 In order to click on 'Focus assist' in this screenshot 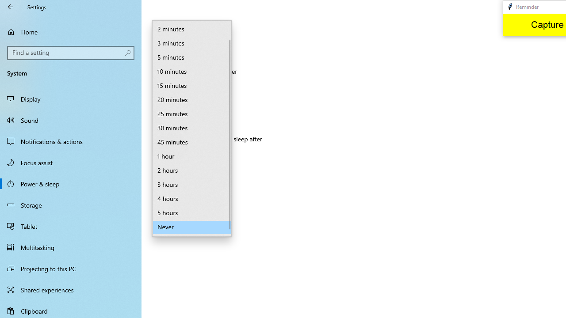, I will do `click(71, 162)`.